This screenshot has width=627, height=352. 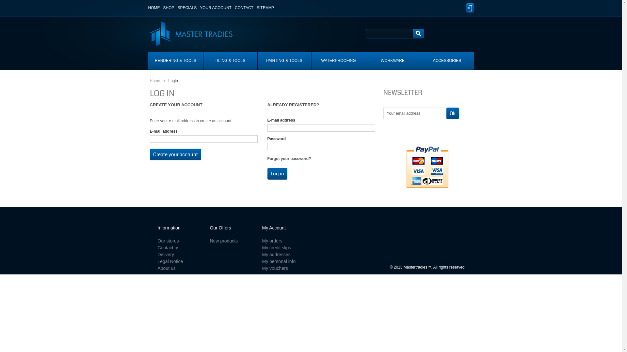 I want to click on 'ACCESSORIES', so click(x=446, y=61).